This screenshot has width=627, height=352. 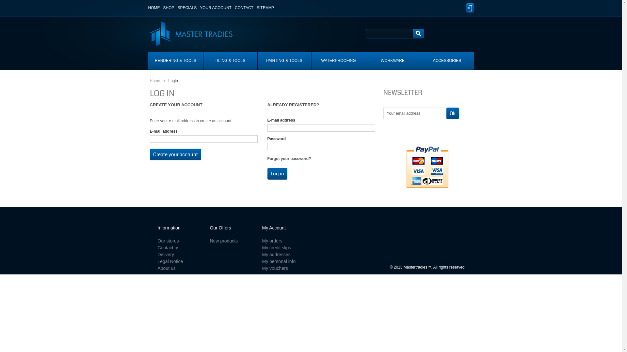 I want to click on 'ACCESSORIES', so click(x=446, y=61).